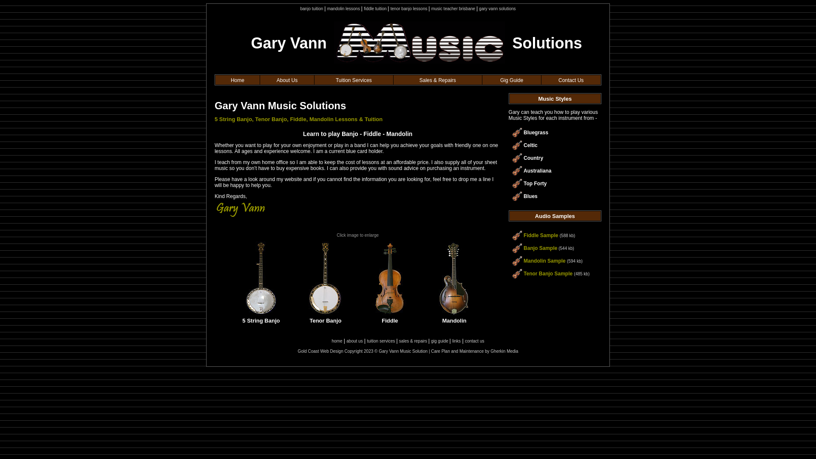 Image resolution: width=816 pixels, height=459 pixels. Describe the element at coordinates (320, 351) in the screenshot. I see `'Gold Coast Web Design'` at that location.